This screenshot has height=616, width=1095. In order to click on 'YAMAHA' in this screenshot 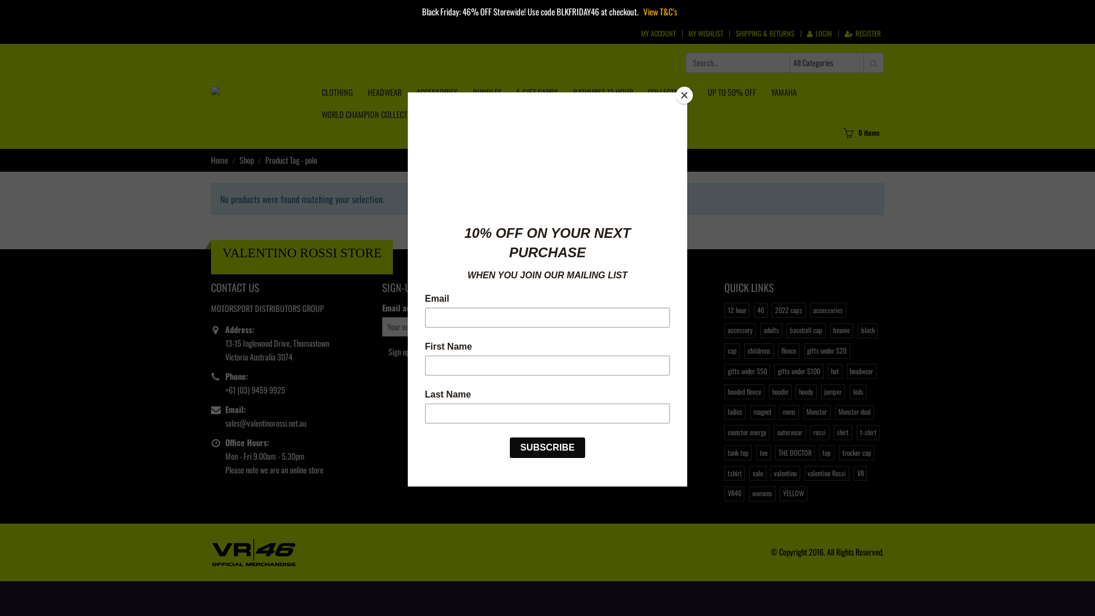, I will do `click(783, 91)`.